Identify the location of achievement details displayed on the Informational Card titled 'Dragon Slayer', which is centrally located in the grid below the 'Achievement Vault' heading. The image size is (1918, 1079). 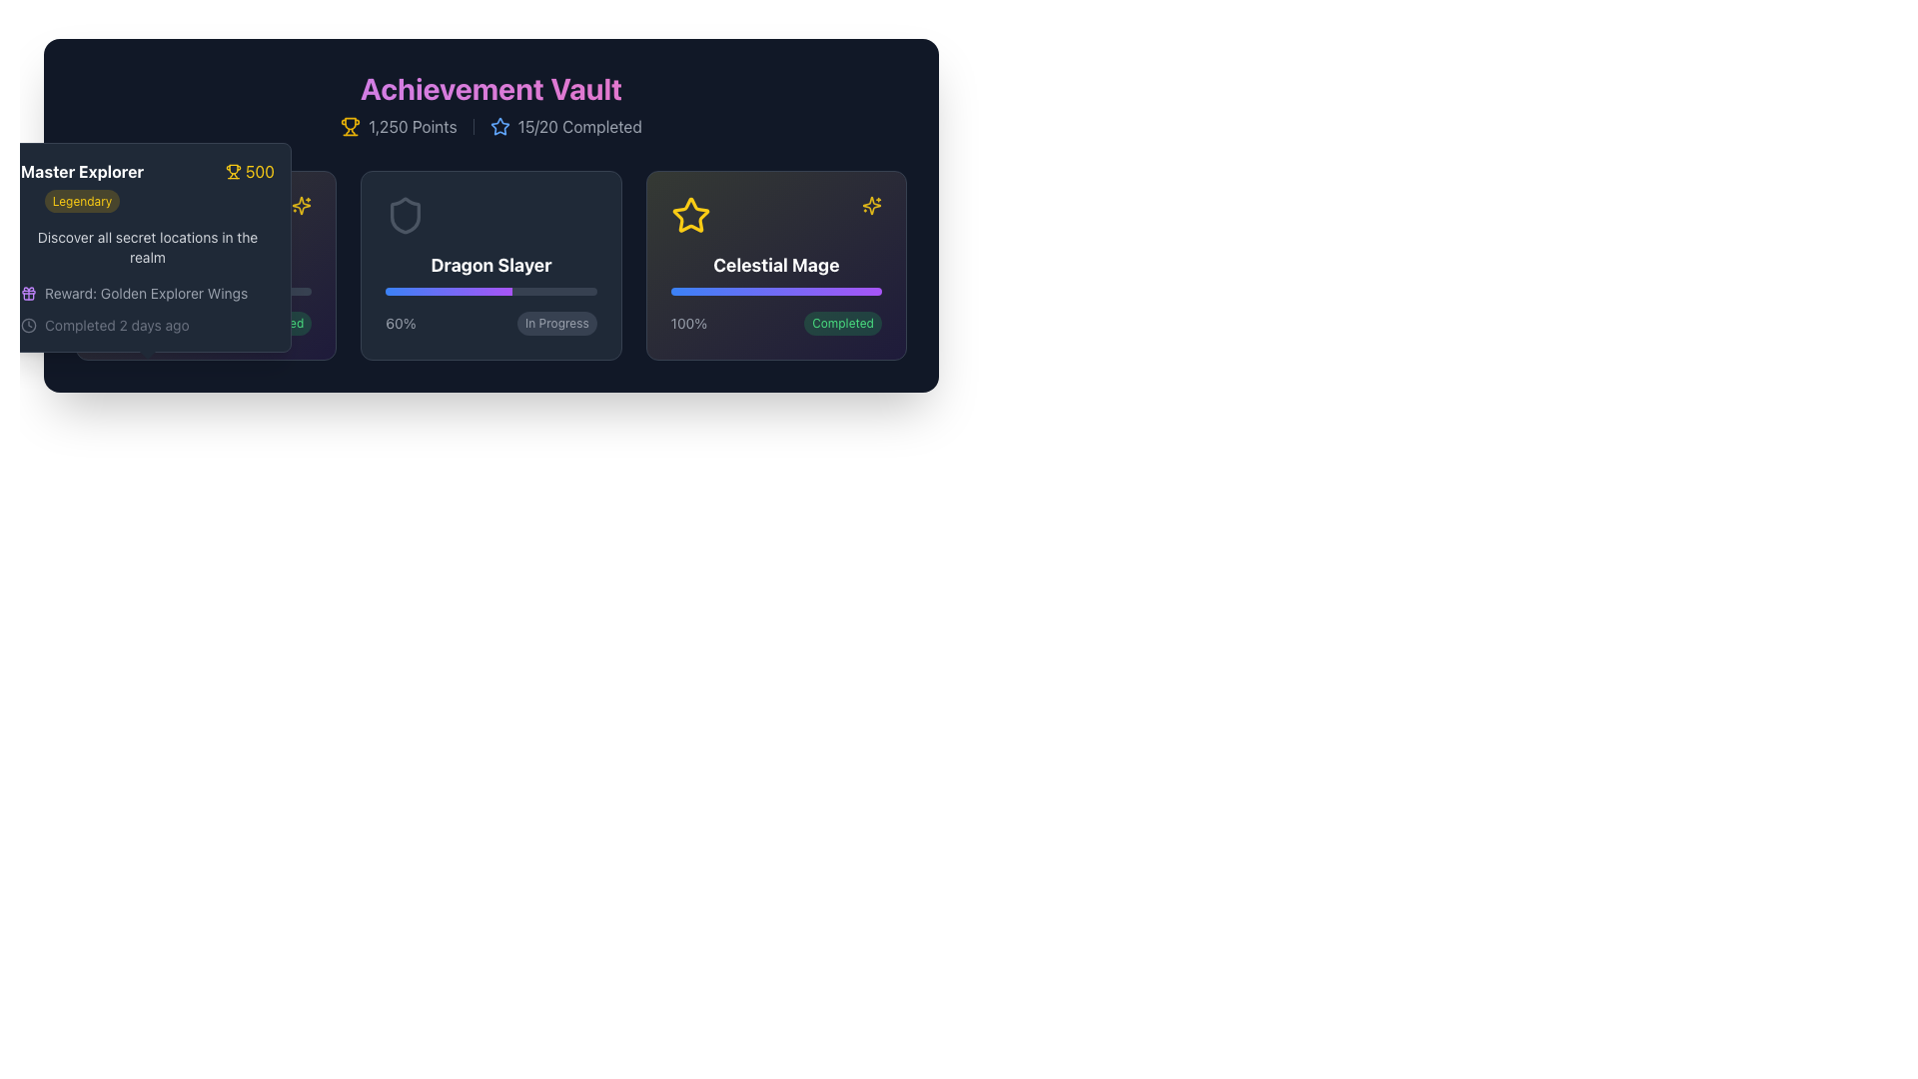
(490, 265).